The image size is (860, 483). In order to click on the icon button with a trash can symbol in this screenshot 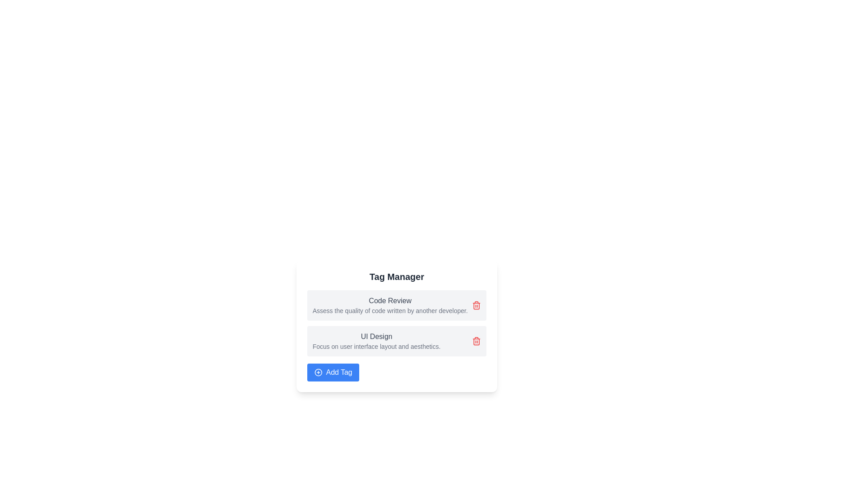, I will do `click(476, 341)`.